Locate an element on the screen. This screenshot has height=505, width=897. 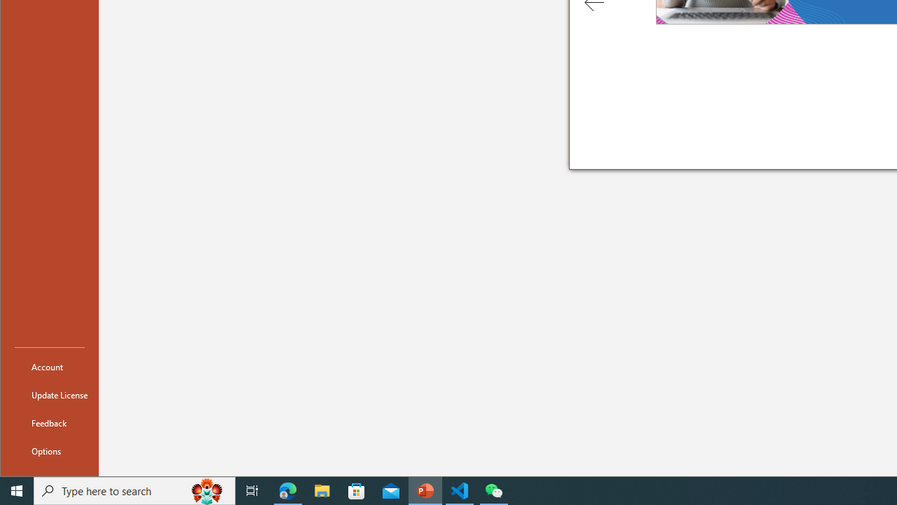
'Start' is located at coordinates (17, 490).